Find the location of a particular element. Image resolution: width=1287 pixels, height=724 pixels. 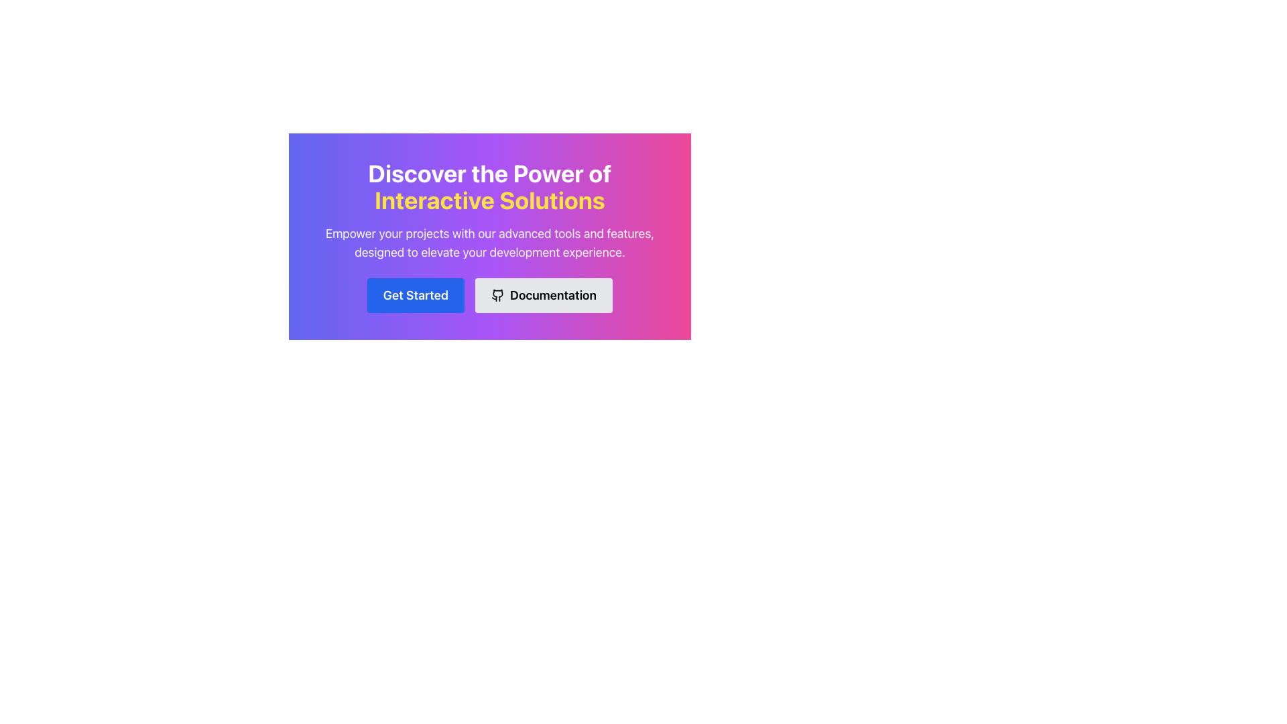

the GitHub icon, which is a stylized cat-like figure located in the top-right corner of the main content area is located at coordinates (497, 294).